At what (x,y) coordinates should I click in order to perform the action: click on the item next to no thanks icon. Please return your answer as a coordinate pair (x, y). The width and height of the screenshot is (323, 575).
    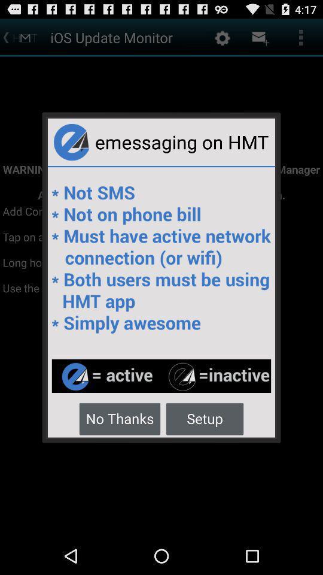
    Looking at the image, I should click on (204, 418).